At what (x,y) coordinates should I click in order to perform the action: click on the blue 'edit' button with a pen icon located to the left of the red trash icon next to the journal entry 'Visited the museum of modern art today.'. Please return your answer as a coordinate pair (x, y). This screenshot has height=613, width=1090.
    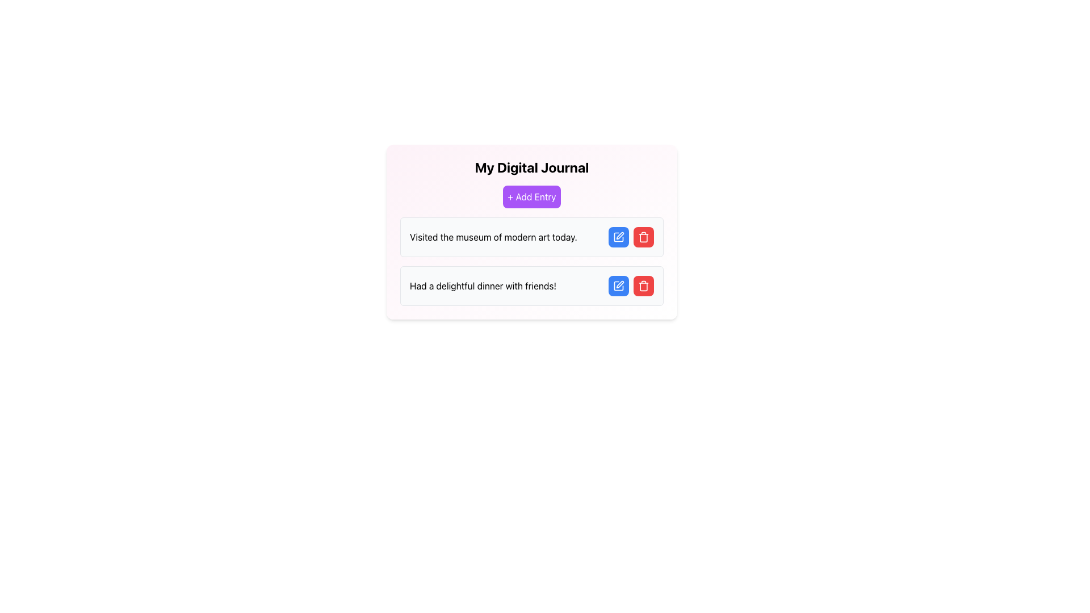
    Looking at the image, I should click on (618, 236).